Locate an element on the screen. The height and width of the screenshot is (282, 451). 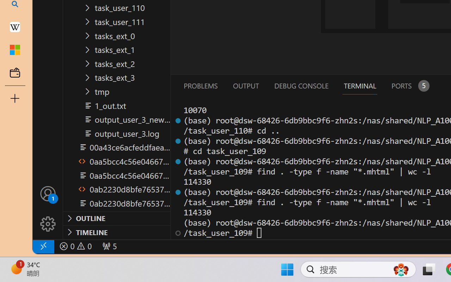
'Output (Ctrl+Shift+U)' is located at coordinates (245, 85).